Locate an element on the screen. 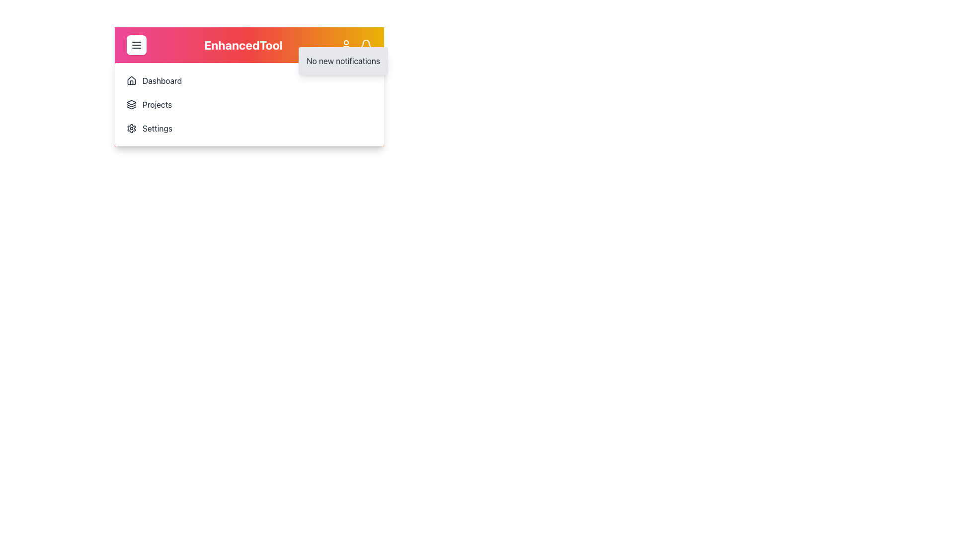 This screenshot has width=954, height=536. the gear icon located to the left of the 'Settings' label in the third list item of the vertical options menu is located at coordinates (131, 128).